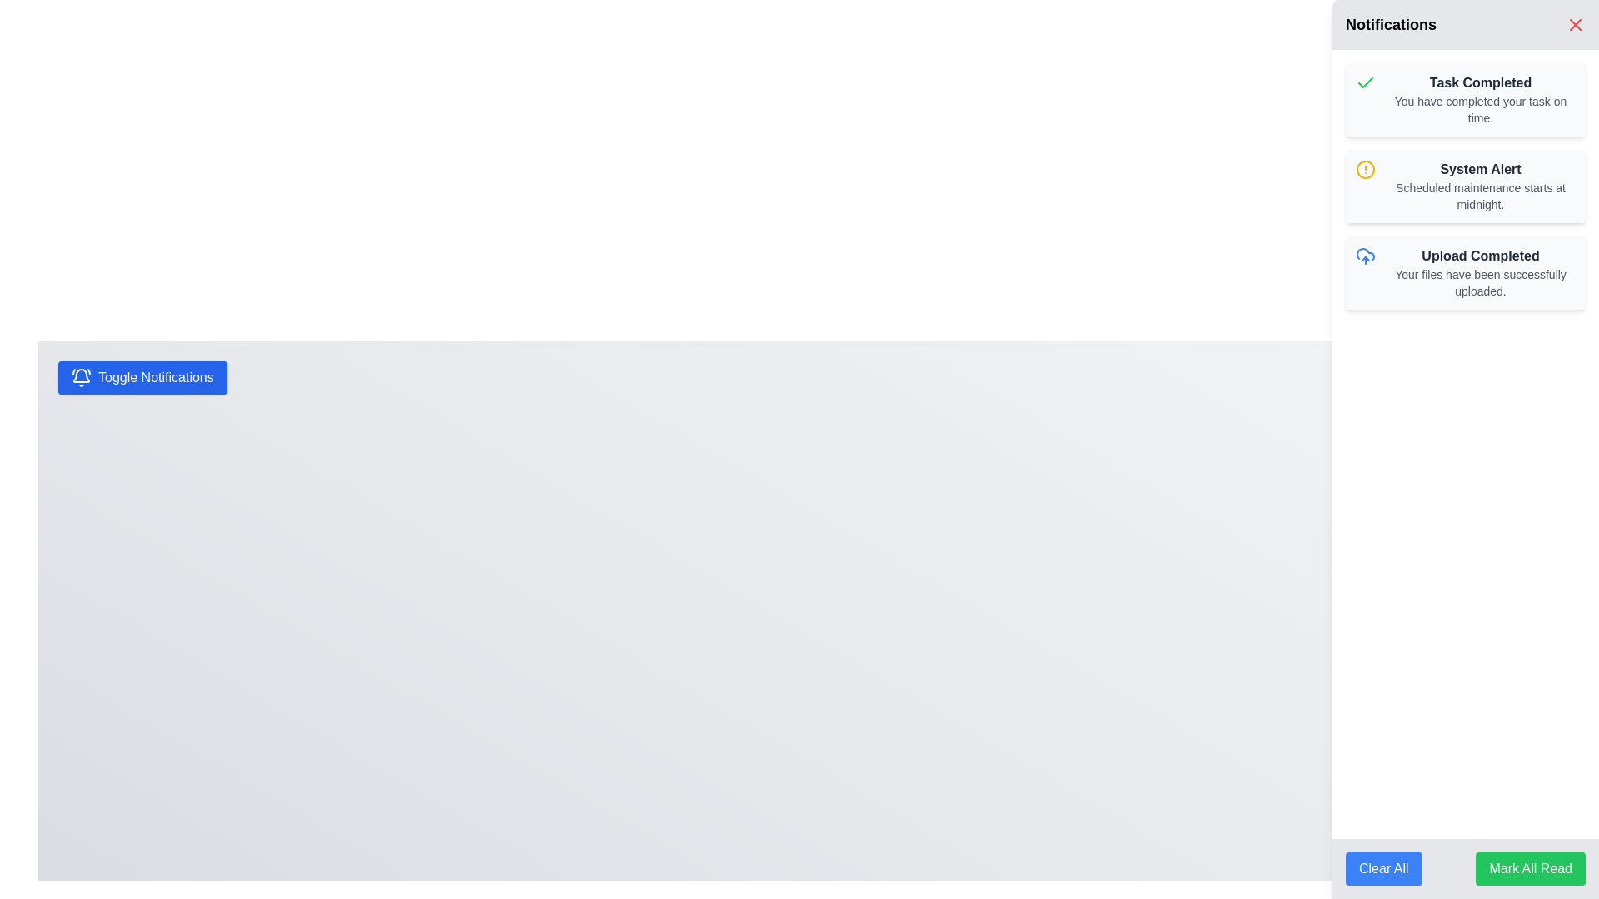 This screenshot has height=899, width=1599. I want to click on the first Notification card in the right-hand sidebar of the Notifications panel, which indicates successful task completion, so click(1466, 99).